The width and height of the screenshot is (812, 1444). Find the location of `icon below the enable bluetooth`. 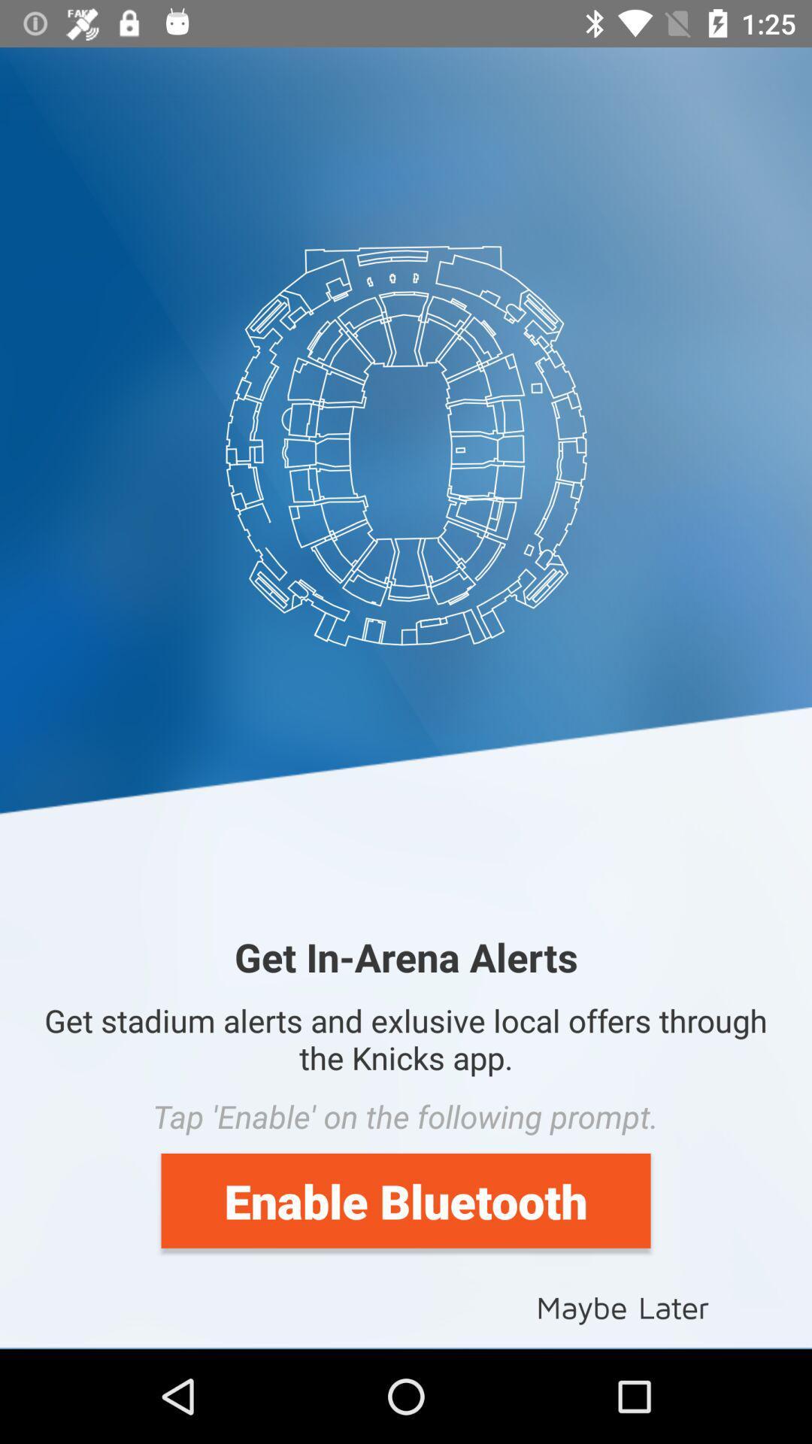

icon below the enable bluetooth is located at coordinates (623, 1306).